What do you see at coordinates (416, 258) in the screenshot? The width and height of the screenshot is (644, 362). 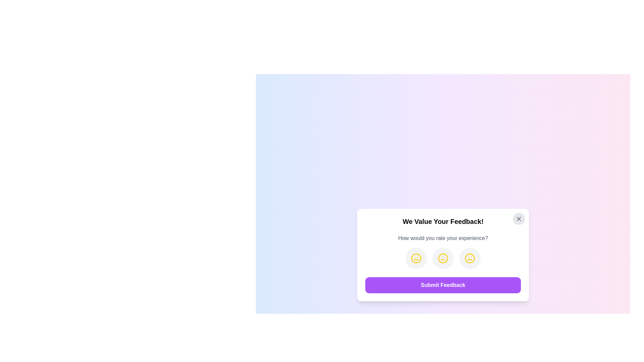 I see `the left-most interactive button with a smiley face icon` at bounding box center [416, 258].